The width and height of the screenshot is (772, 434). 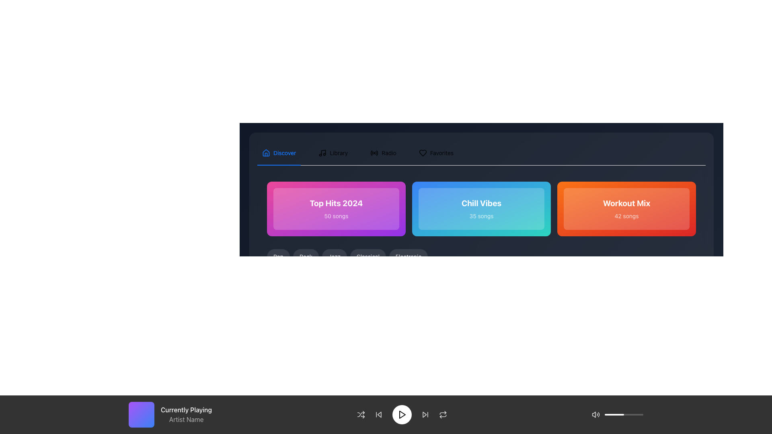 I want to click on the interactive card with a gradient background from pink to purple, featuring bold white text 'Top Hits 2024' and smaller text '50 songs', located as the leftmost element in a row of three, so click(x=336, y=209).